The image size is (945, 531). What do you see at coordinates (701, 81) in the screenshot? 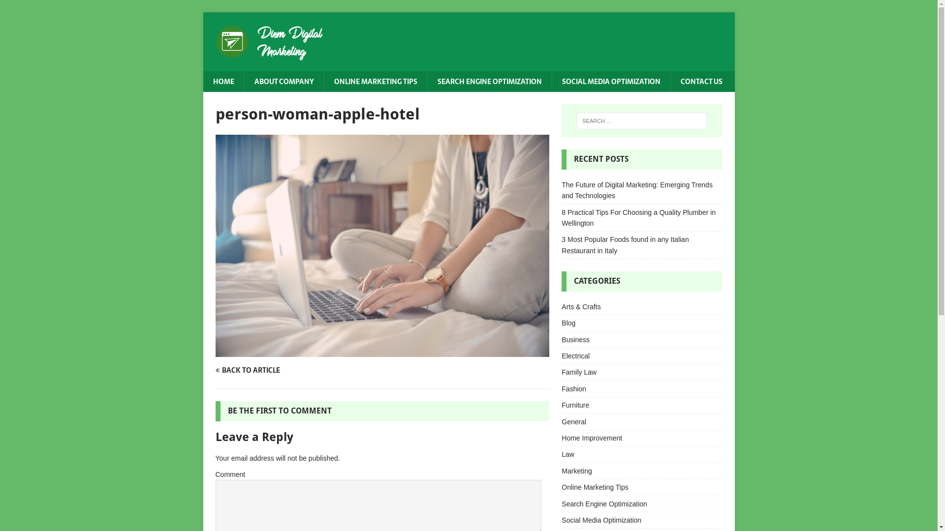
I see `'CONTACT US'` at bounding box center [701, 81].